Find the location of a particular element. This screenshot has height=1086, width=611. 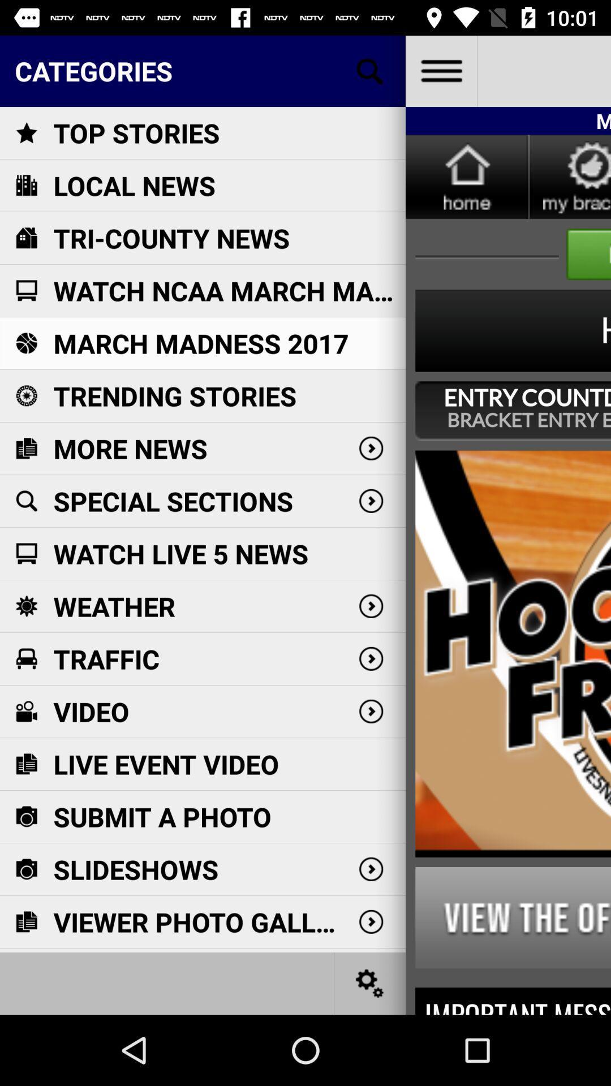

the settings icon is located at coordinates (370, 982).